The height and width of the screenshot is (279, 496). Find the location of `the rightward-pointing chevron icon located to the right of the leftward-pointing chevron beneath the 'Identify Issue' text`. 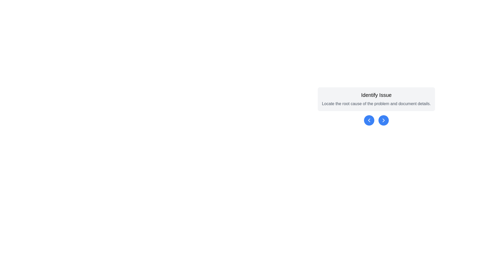

the rightward-pointing chevron icon located to the right of the leftward-pointing chevron beneath the 'Identify Issue' text is located at coordinates (383, 120).